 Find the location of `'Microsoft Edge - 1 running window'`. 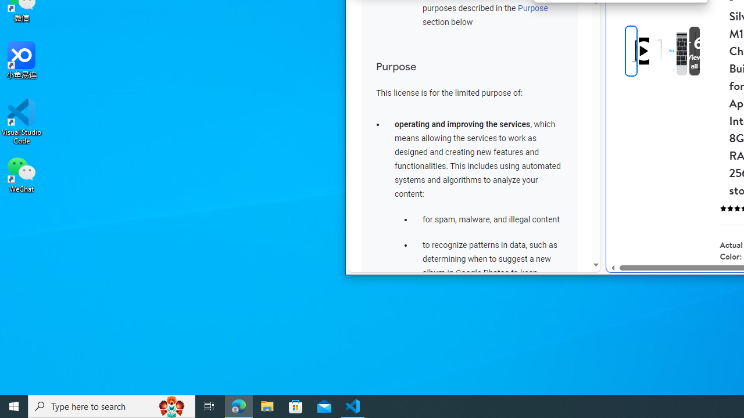

'Microsoft Edge - 1 running window' is located at coordinates (238, 405).